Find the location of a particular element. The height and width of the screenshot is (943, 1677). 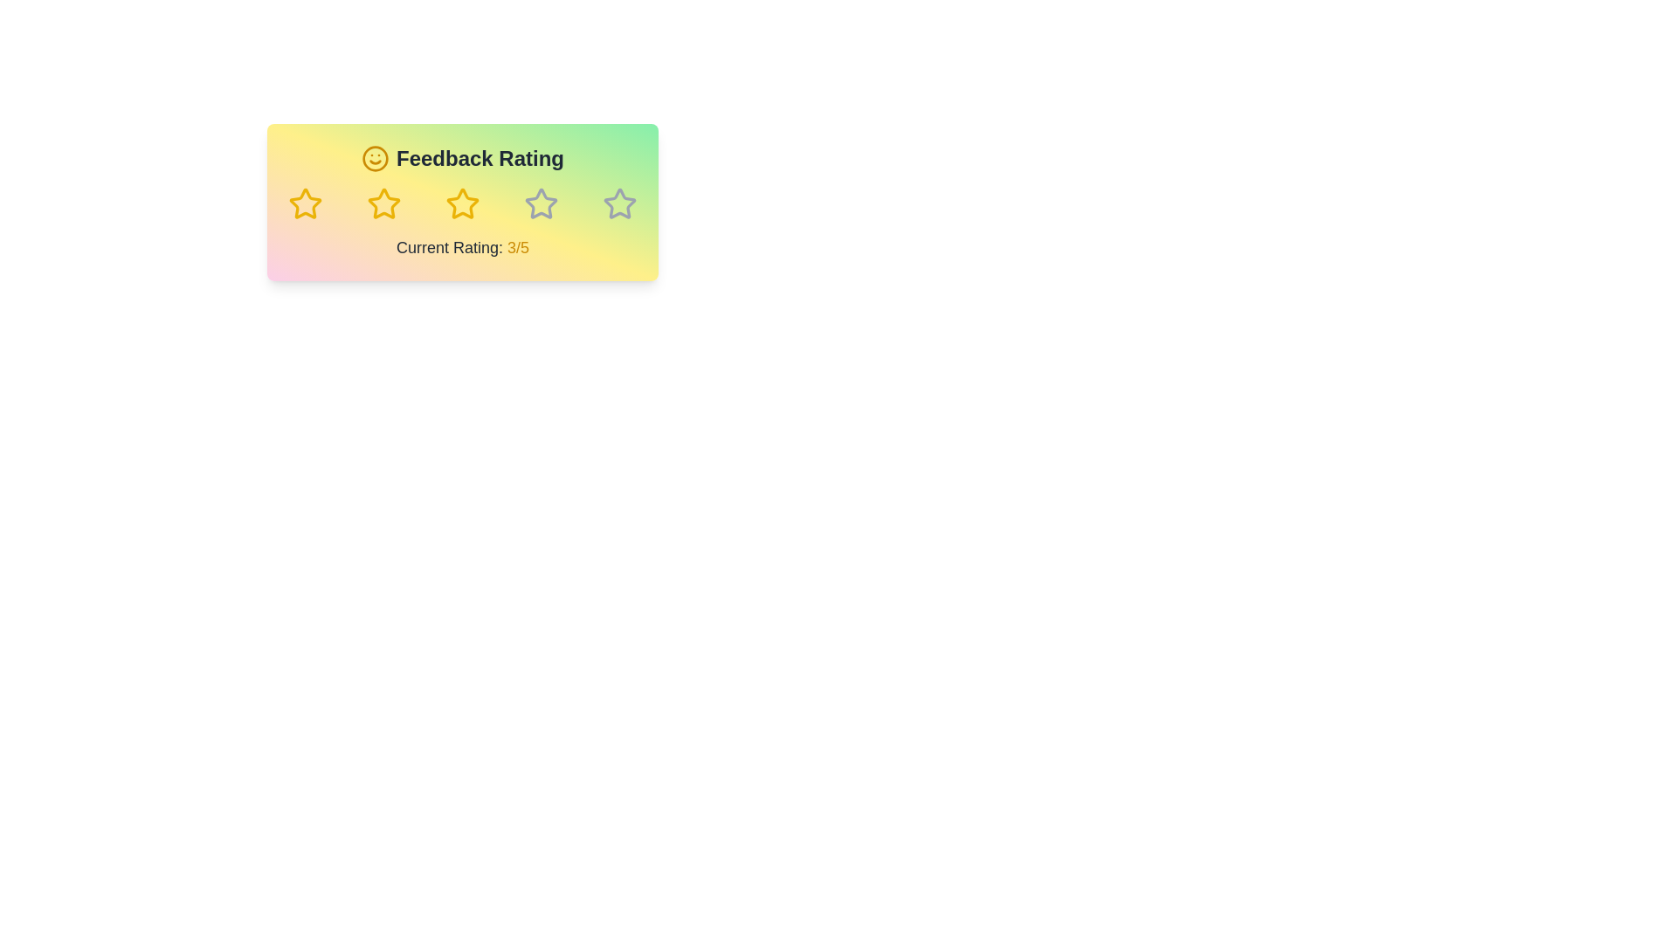

the 'Feedback Rating' text and copy it to the clipboard is located at coordinates (288, 143).